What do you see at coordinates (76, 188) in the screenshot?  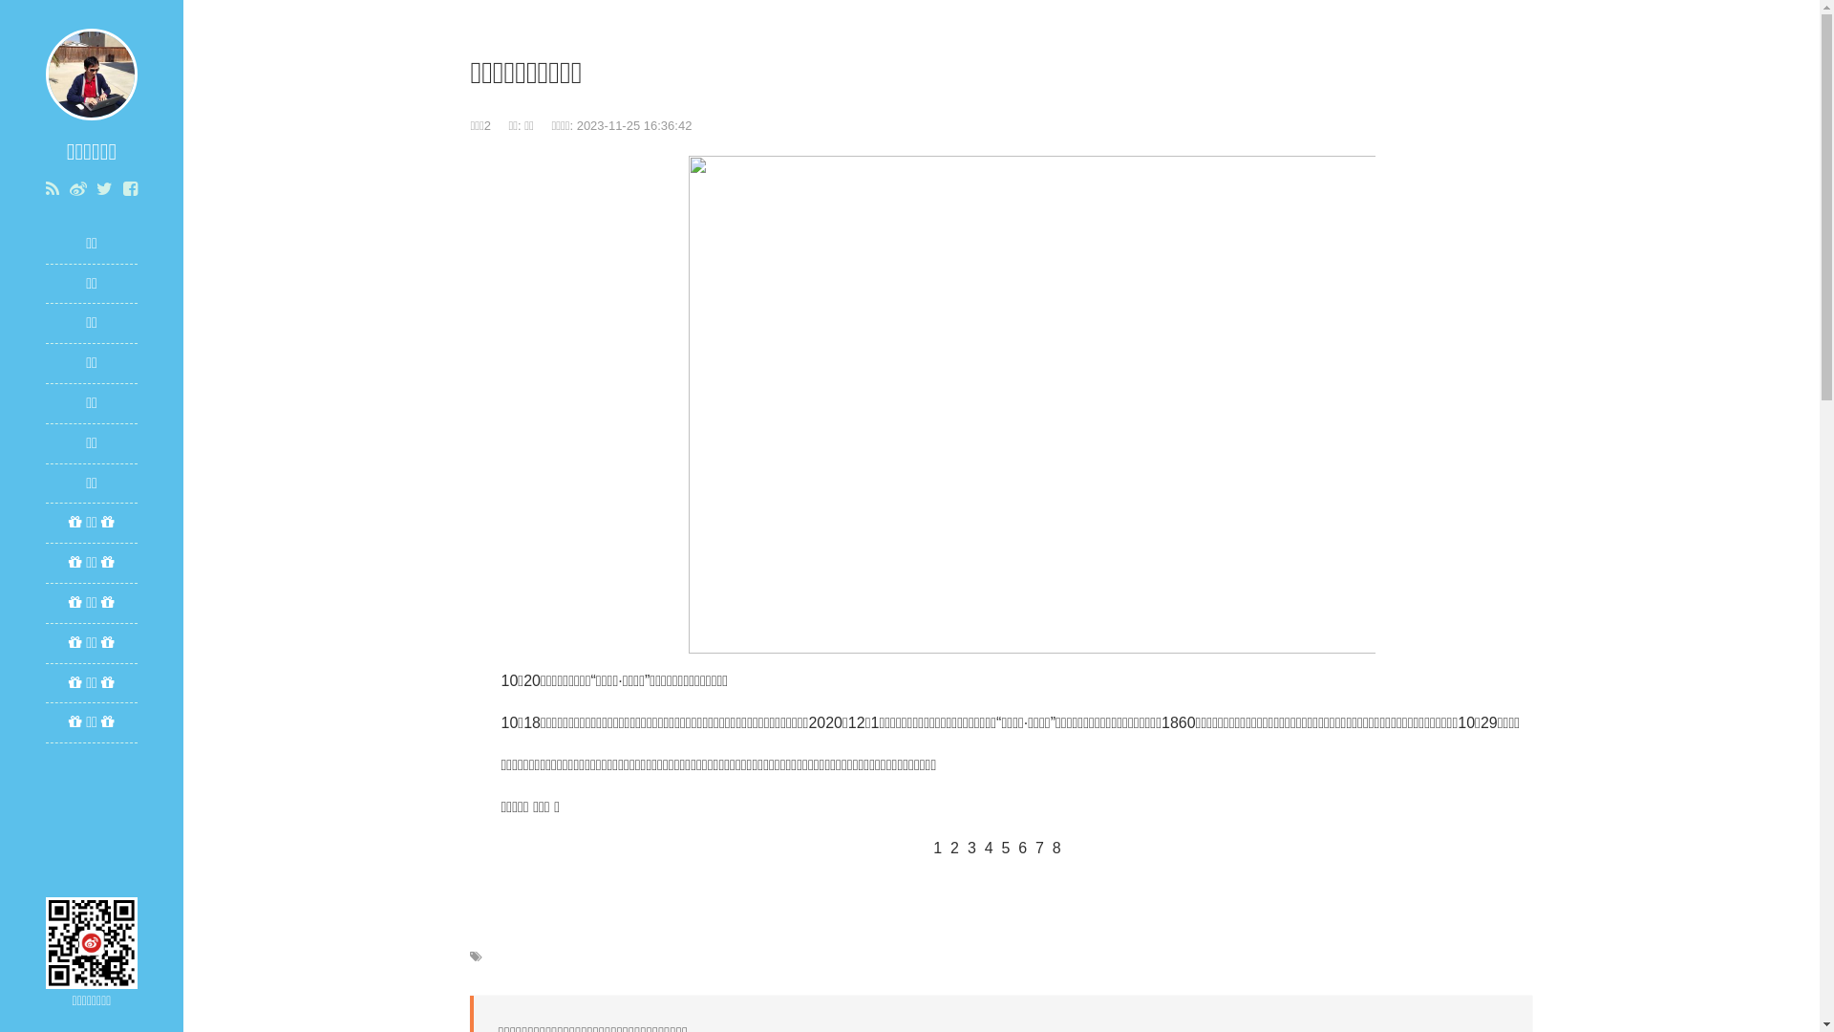 I see `'Weibo'` at bounding box center [76, 188].